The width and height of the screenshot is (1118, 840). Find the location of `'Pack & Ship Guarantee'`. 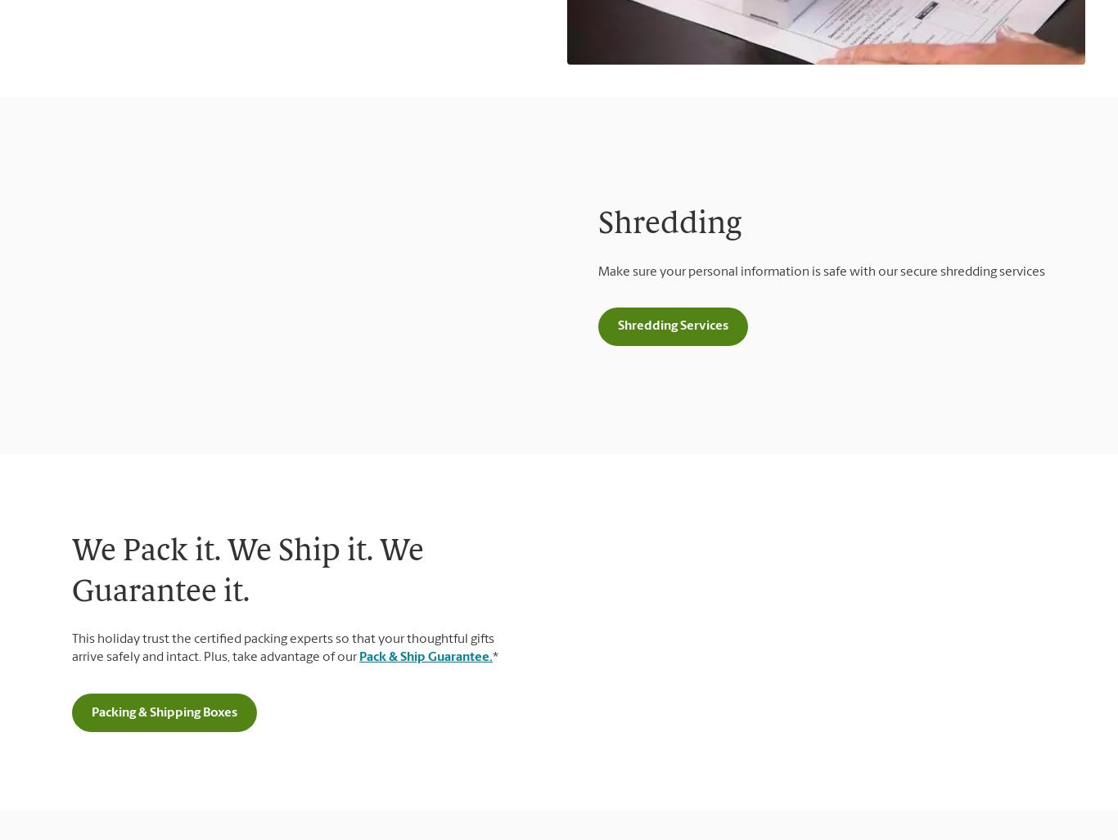

'Pack & Ship Guarantee' is located at coordinates (464, 397).